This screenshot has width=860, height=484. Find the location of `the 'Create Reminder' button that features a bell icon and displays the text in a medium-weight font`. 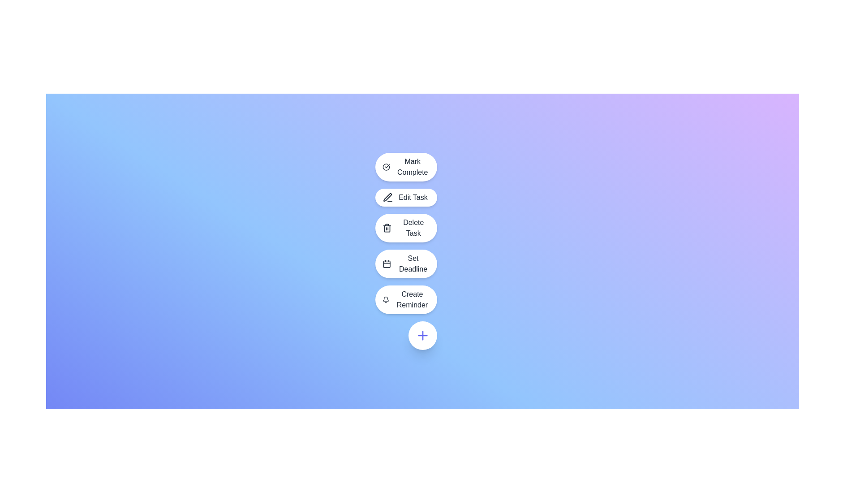

the 'Create Reminder' button that features a bell icon and displays the text in a medium-weight font is located at coordinates (412, 299).